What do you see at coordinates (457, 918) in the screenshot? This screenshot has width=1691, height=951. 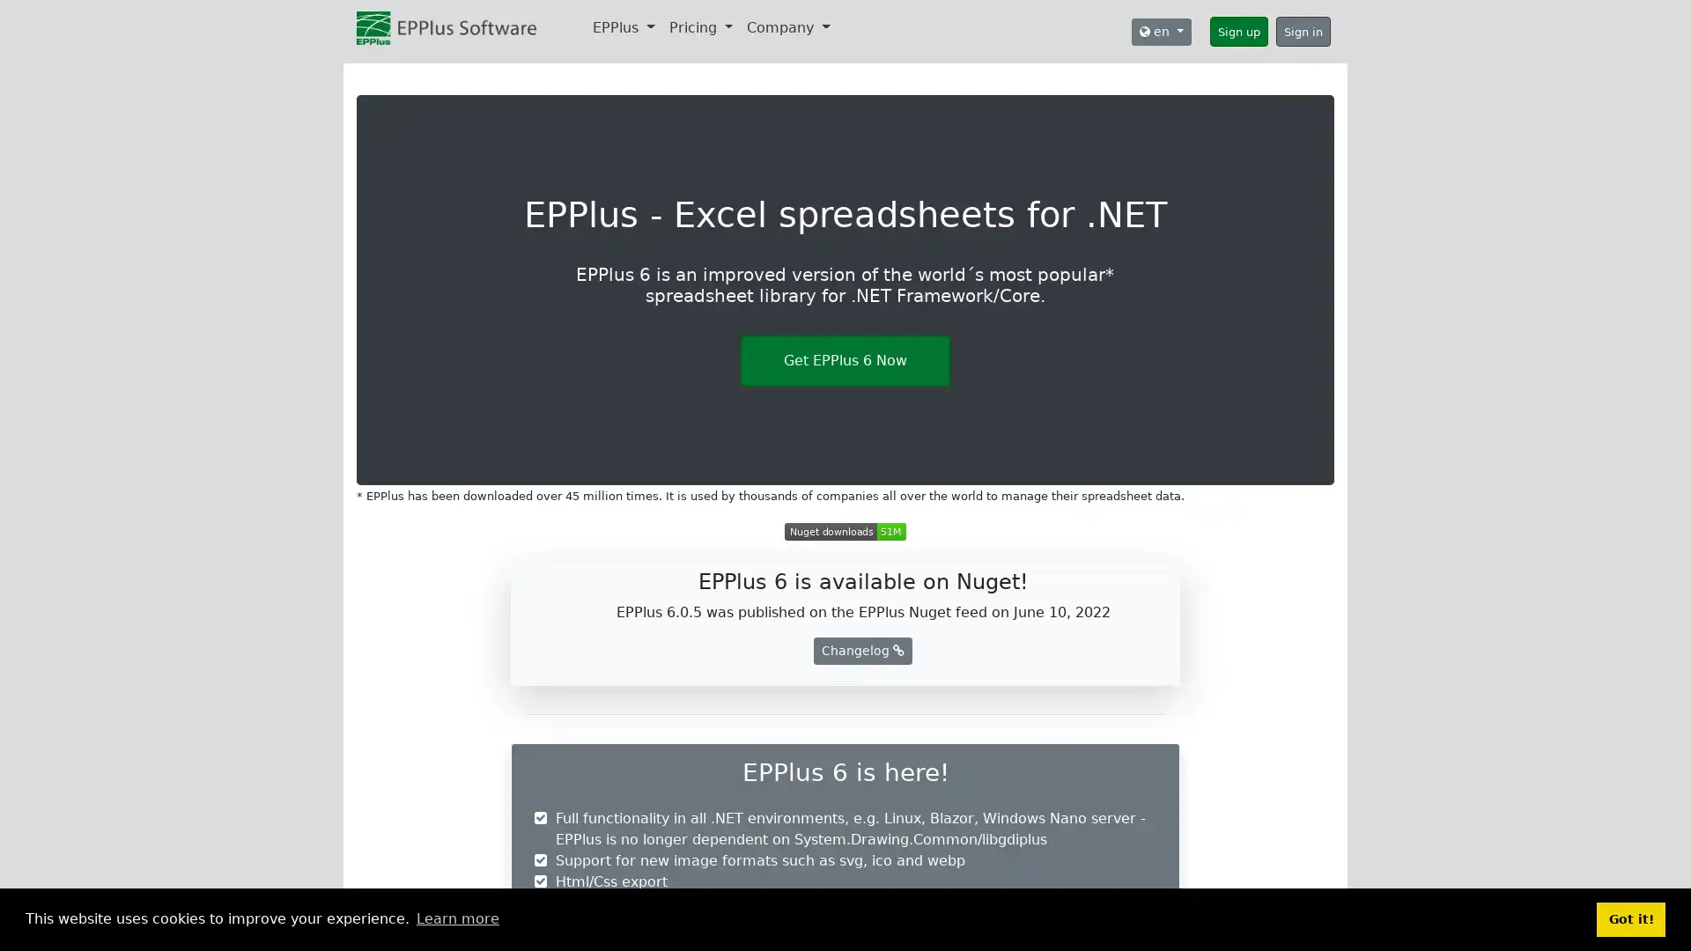 I see `learn more about cookies` at bounding box center [457, 918].